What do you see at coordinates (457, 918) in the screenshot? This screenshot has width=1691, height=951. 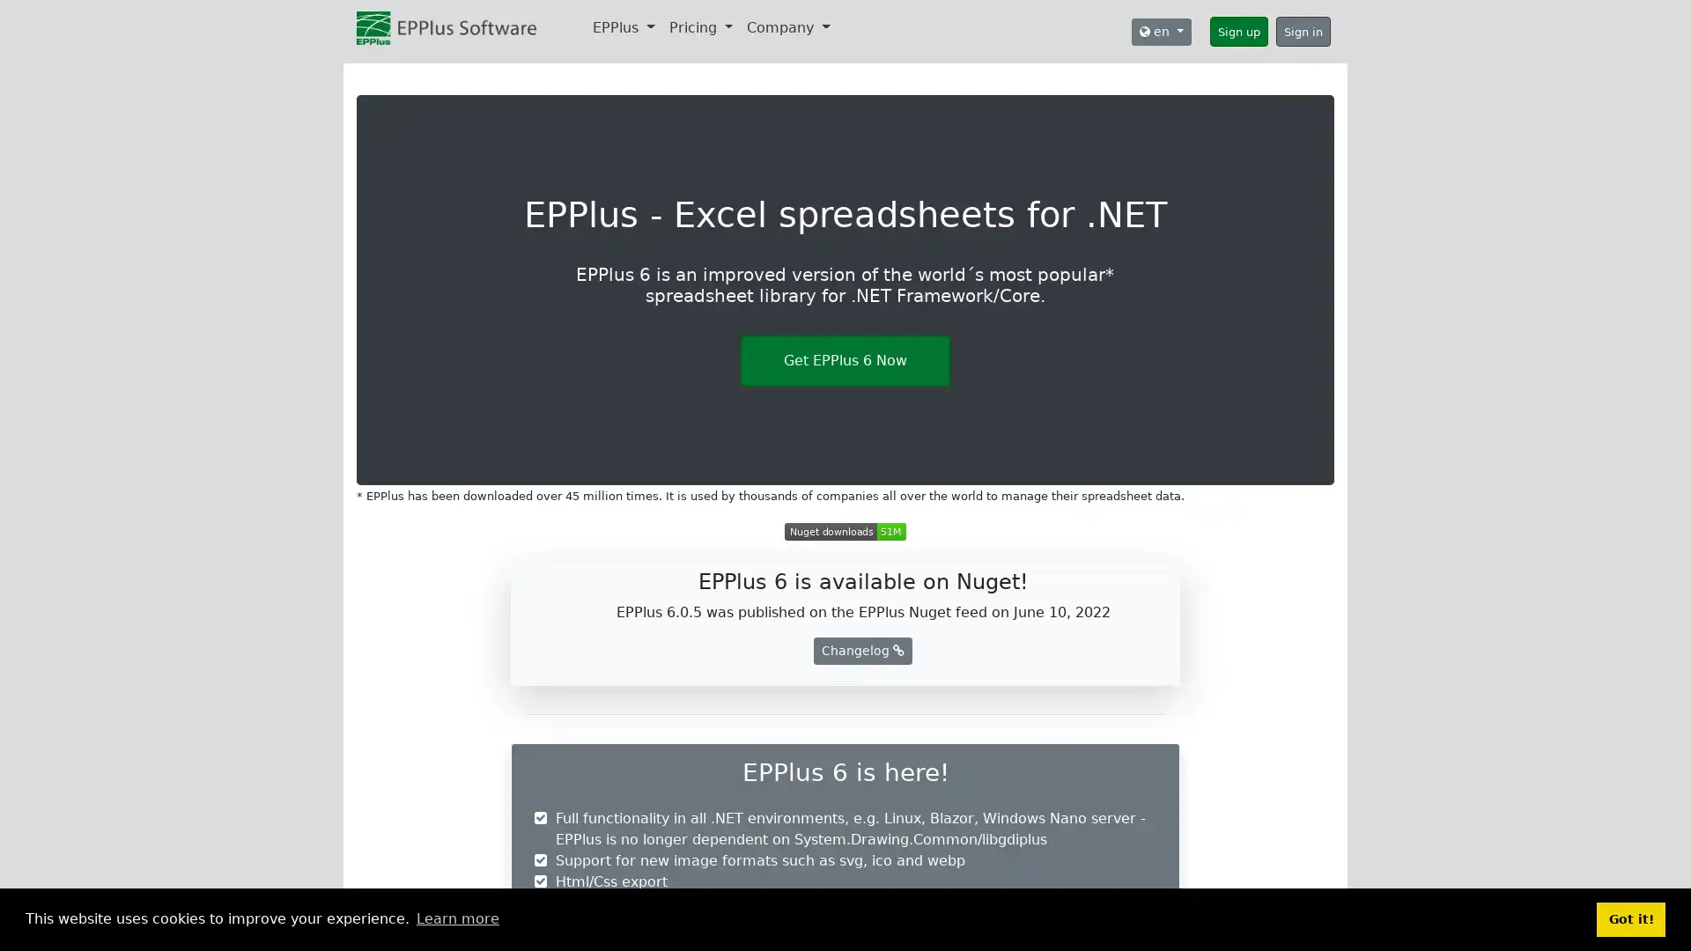 I see `learn more about cookies` at bounding box center [457, 918].